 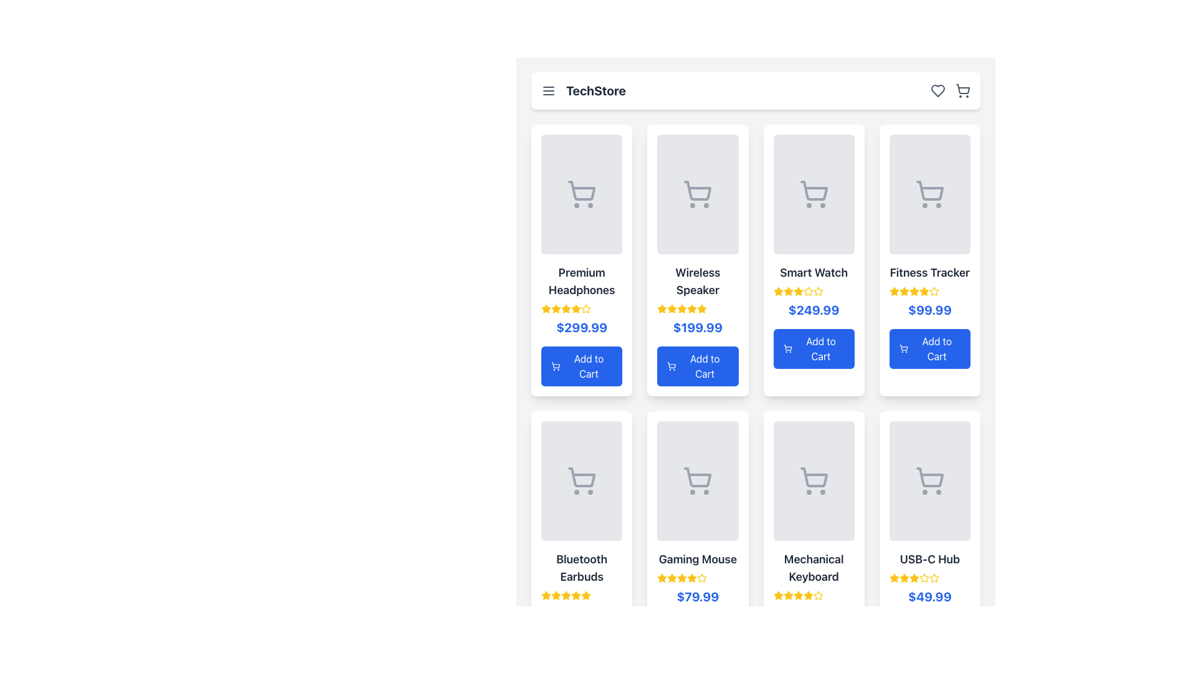 What do you see at coordinates (814, 568) in the screenshot?
I see `the product title text located in the fourth column of the second row of the product card, which is positioned below the image placeholder and above the product price and rating area` at bounding box center [814, 568].